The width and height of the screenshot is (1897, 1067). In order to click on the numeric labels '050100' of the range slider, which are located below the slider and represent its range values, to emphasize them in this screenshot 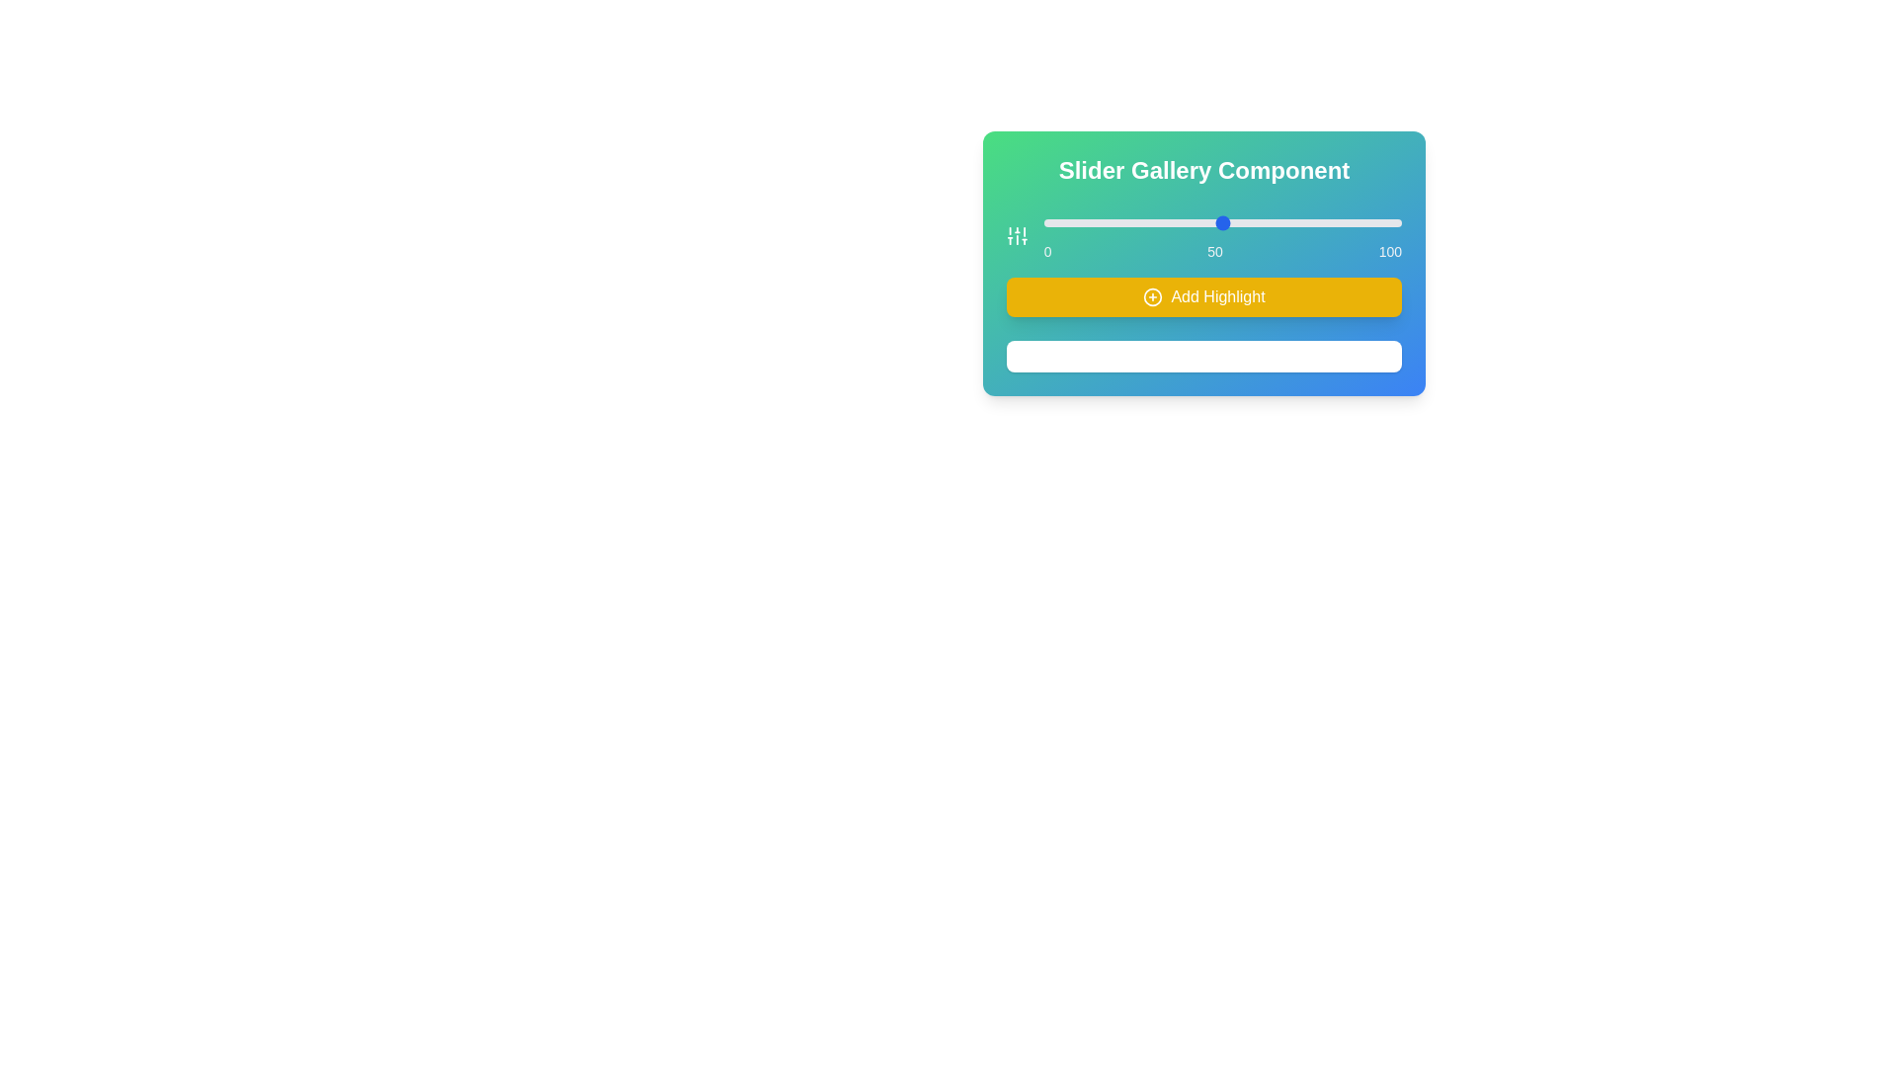, I will do `click(1221, 250)`.